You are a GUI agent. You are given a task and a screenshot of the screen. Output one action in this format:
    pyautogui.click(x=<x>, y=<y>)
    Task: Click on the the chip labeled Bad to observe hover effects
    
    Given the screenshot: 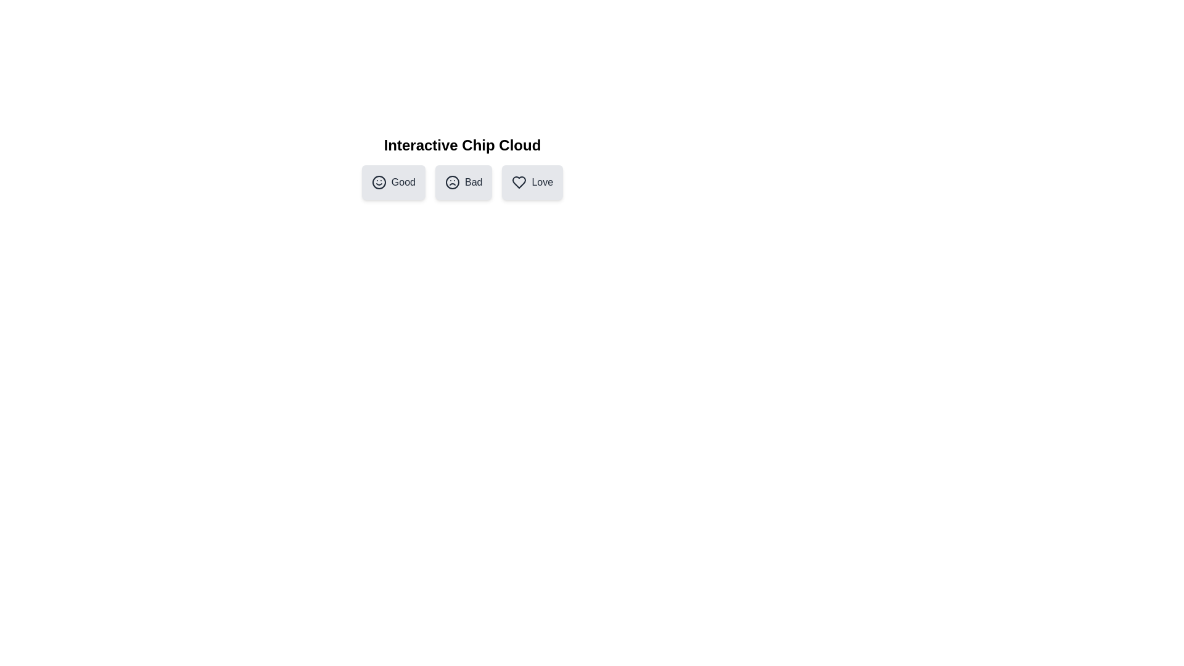 What is the action you would take?
    pyautogui.click(x=463, y=183)
    